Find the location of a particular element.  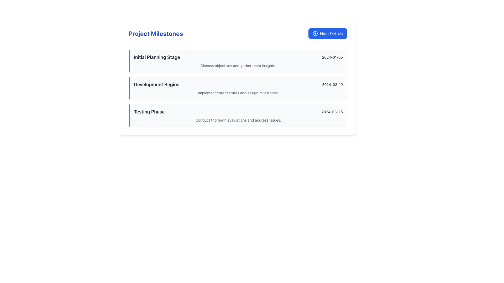

the Text Label displaying the date '2024-03-25' located in the last row of the milestones list, aligned to the right next to the 'Testing Phase' title is located at coordinates (332, 112).